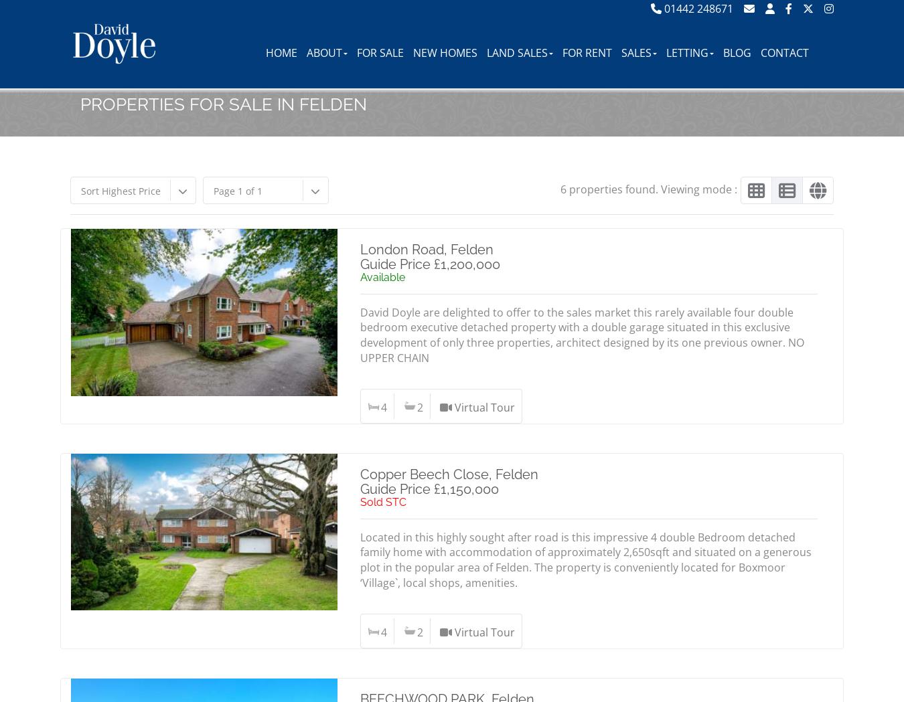 The image size is (904, 702). I want to click on '6 properties found. Viewing mode :', so click(560, 189).